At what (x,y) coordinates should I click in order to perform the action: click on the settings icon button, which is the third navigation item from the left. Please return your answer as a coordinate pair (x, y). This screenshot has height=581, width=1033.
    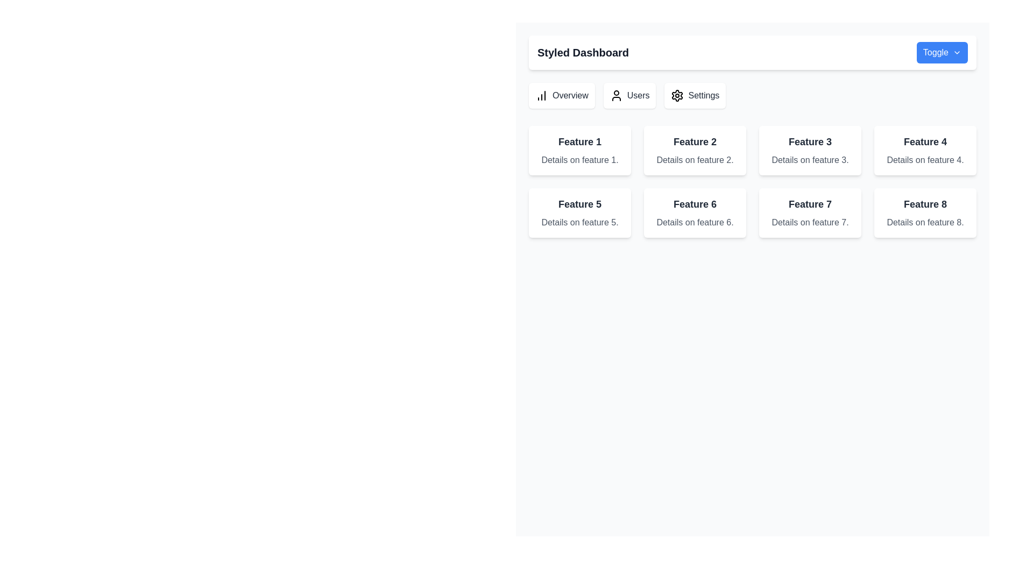
    Looking at the image, I should click on (677, 95).